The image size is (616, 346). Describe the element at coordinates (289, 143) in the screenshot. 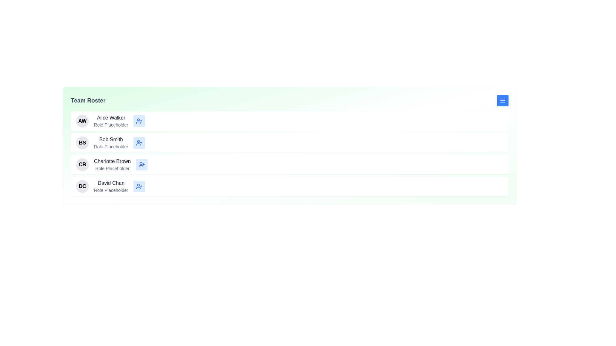

I see `name 'Bob Smith' and the placeholder role details from the horizontal card containing a circular avatar and a blue action button, which is the second card in the list of team members` at that location.